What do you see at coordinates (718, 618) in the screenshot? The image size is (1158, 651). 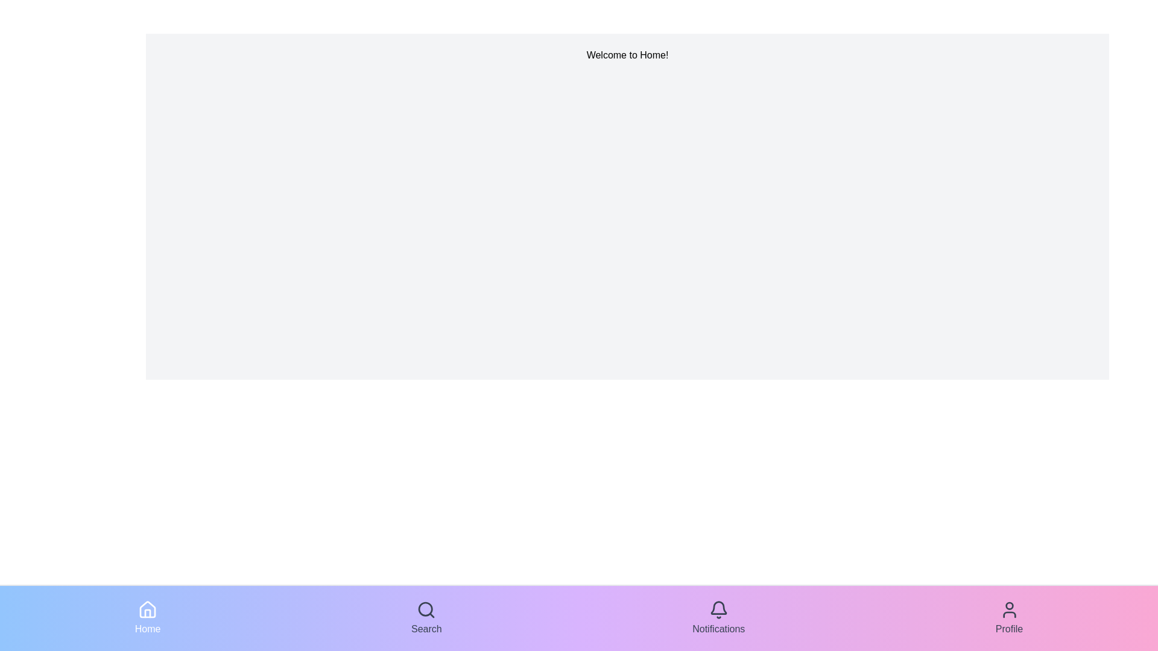 I see `the 'Notifications' button, which is the third button in a horizontal arrangement at the bottom of the UI, to trigger a visual effect` at bounding box center [718, 618].